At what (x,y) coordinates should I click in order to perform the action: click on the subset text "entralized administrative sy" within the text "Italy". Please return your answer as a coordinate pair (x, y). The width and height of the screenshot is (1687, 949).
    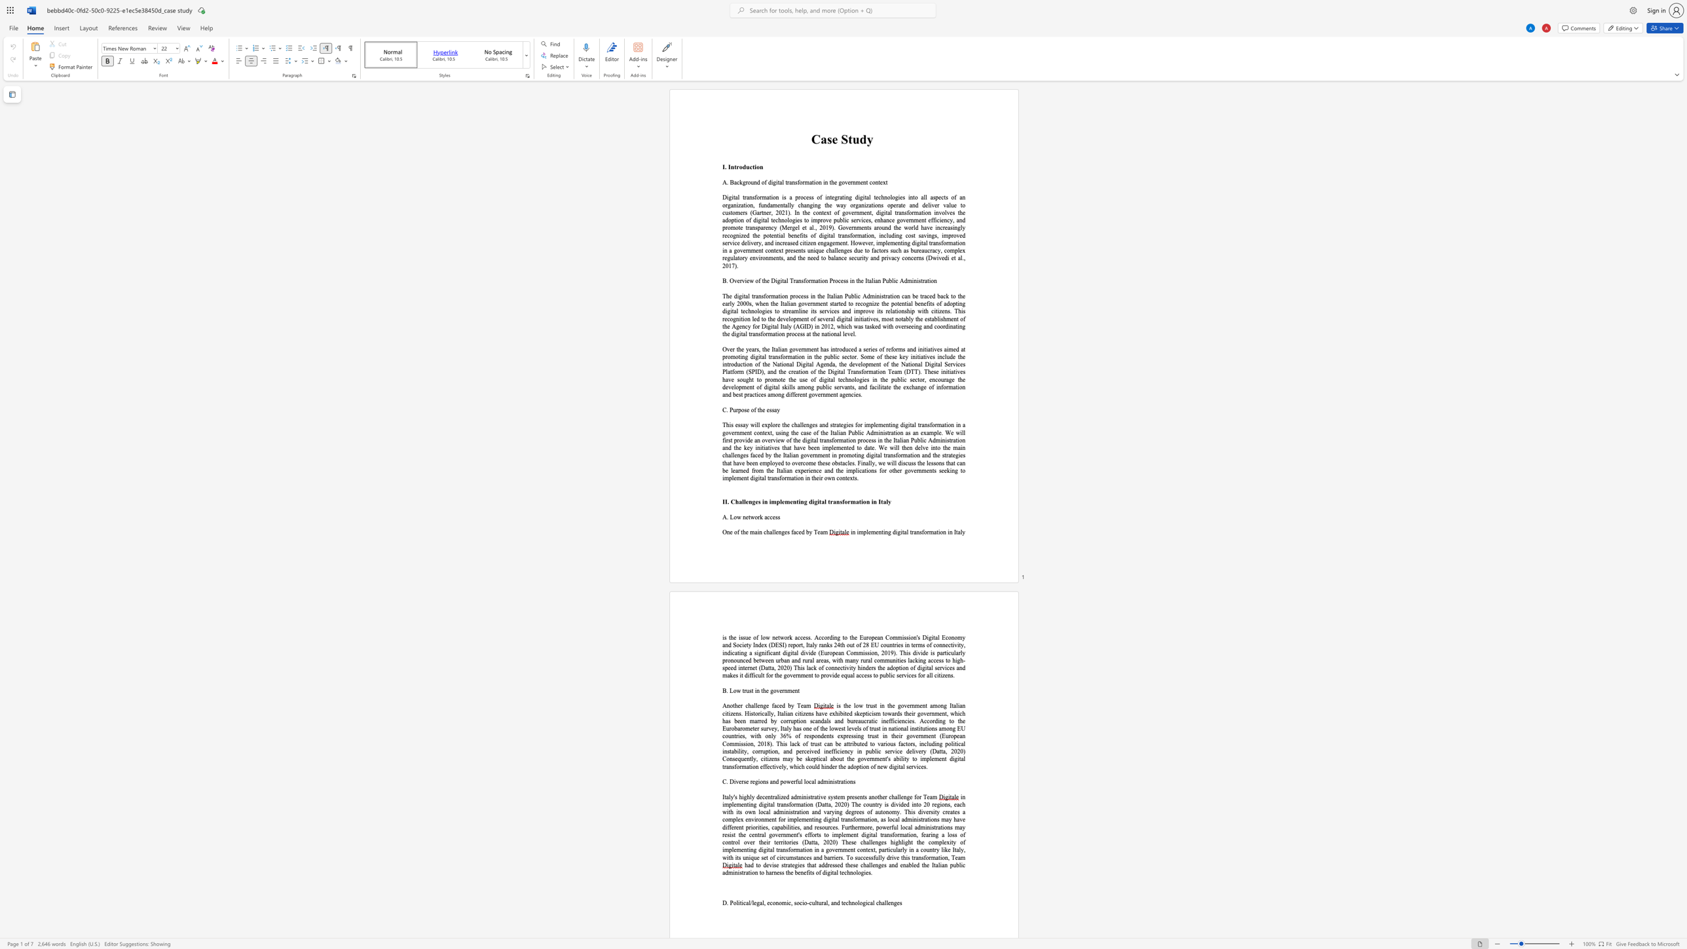
    Looking at the image, I should click on (764, 796).